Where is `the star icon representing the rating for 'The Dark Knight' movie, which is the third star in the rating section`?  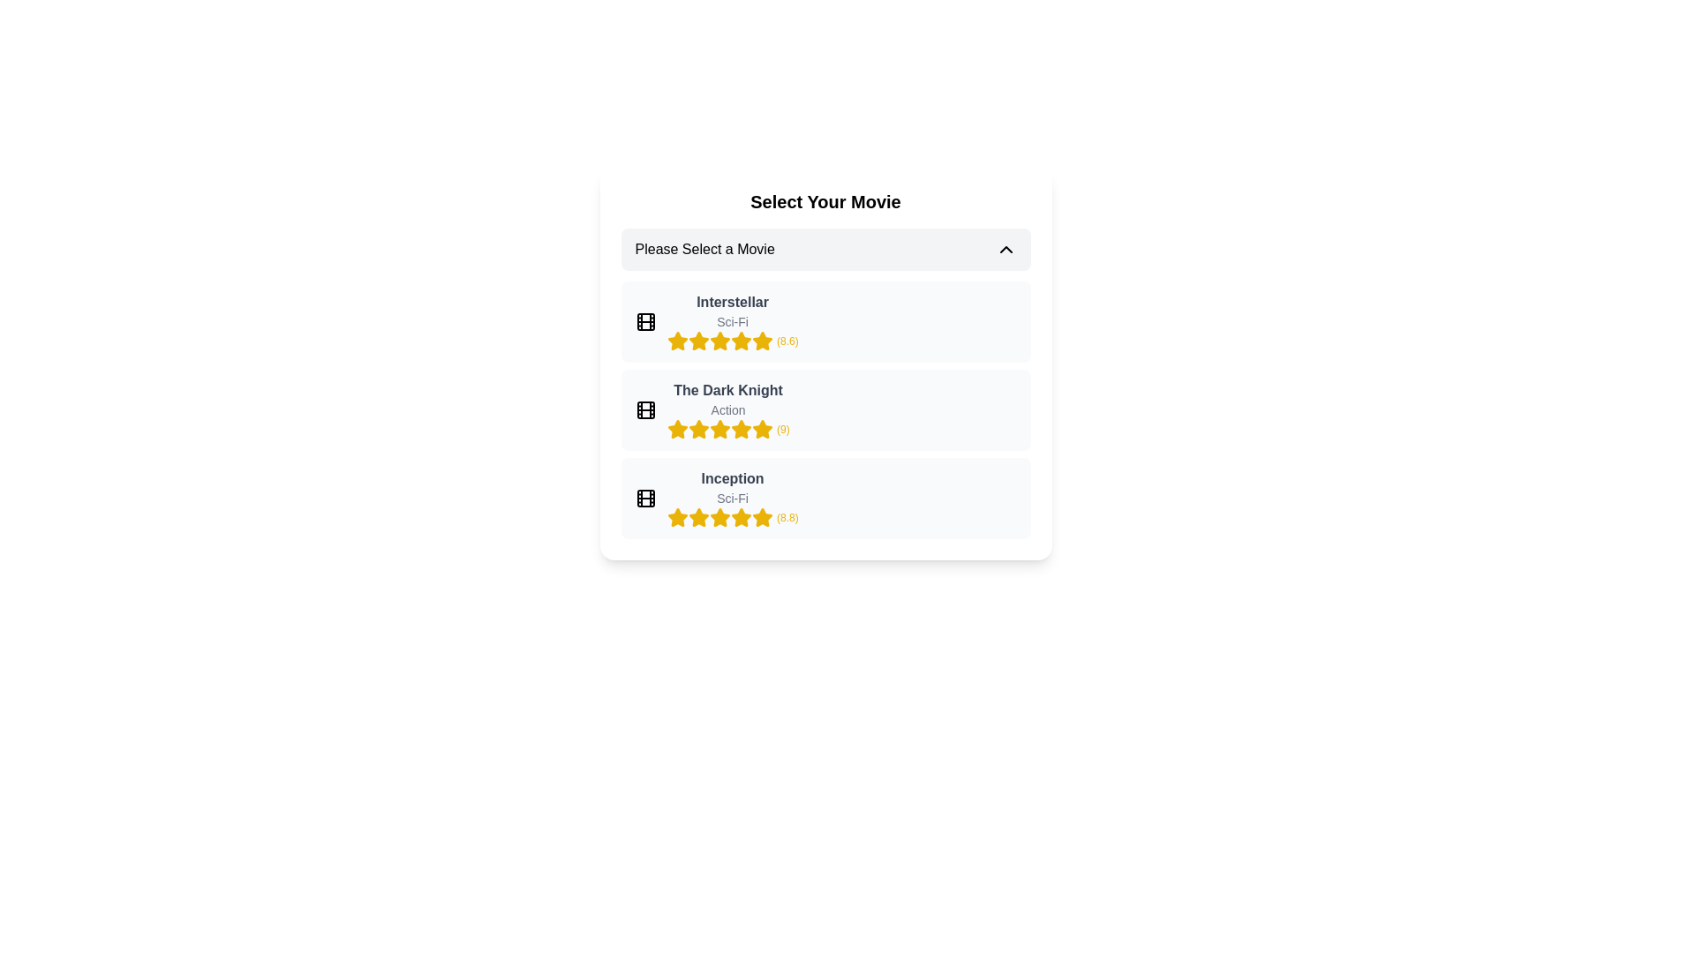 the star icon representing the rating for 'The Dark Knight' movie, which is the third star in the rating section is located at coordinates (676, 429).